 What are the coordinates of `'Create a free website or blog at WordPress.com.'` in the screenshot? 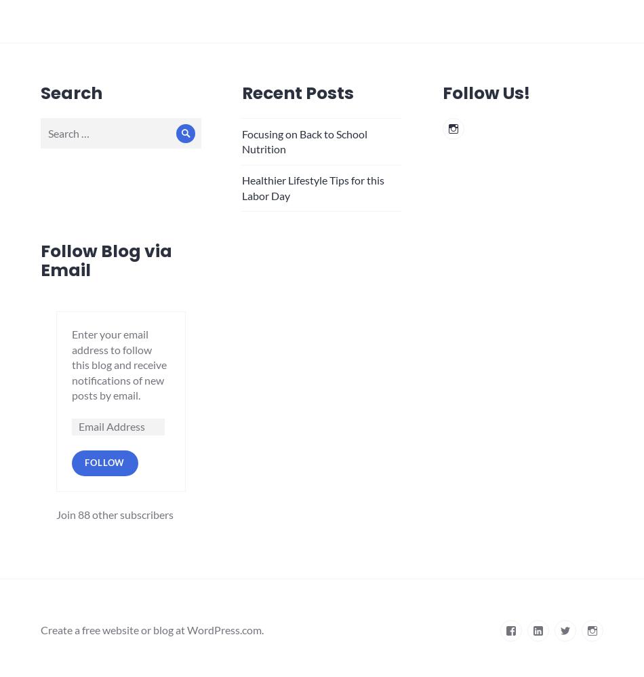 It's located at (152, 630).